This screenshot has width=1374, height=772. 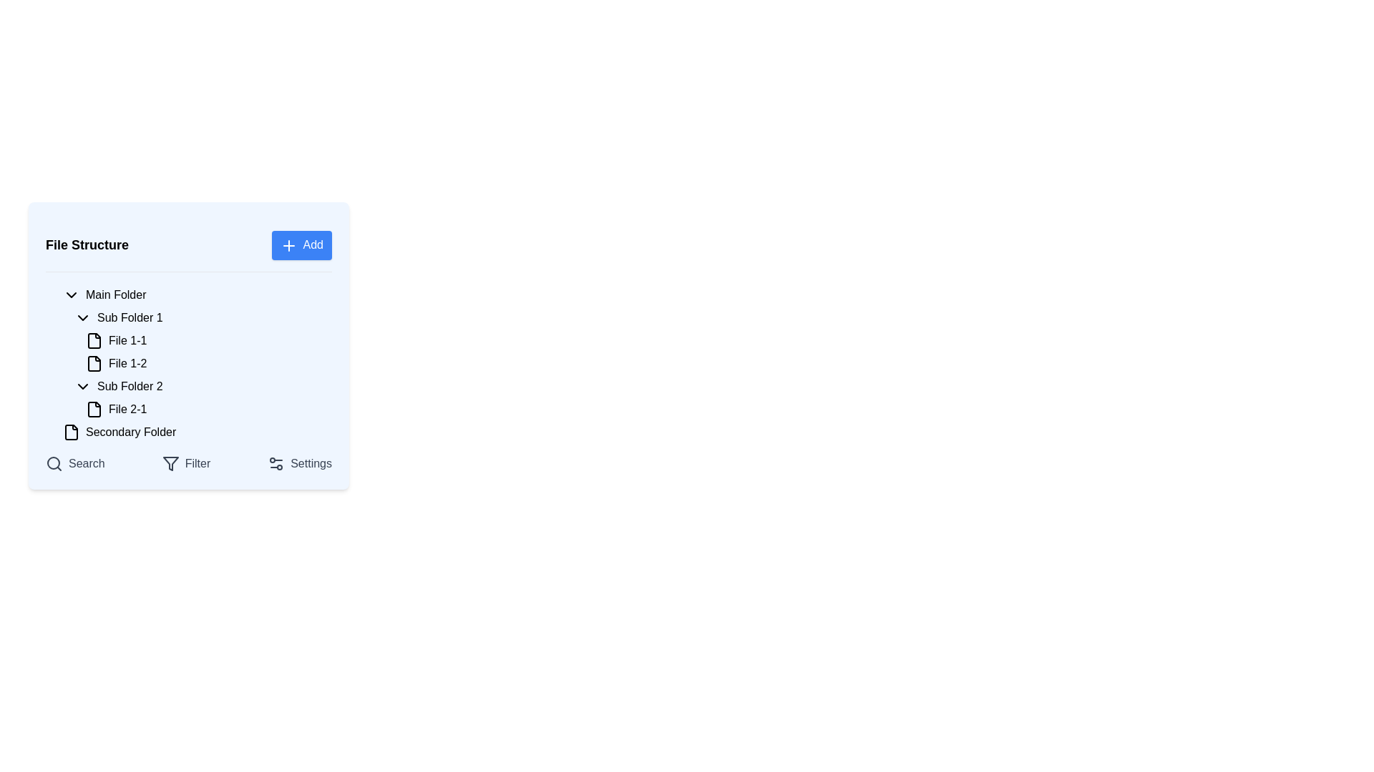 What do you see at coordinates (131, 431) in the screenshot?
I see `the text label displaying 'Secondary Folder'` at bounding box center [131, 431].